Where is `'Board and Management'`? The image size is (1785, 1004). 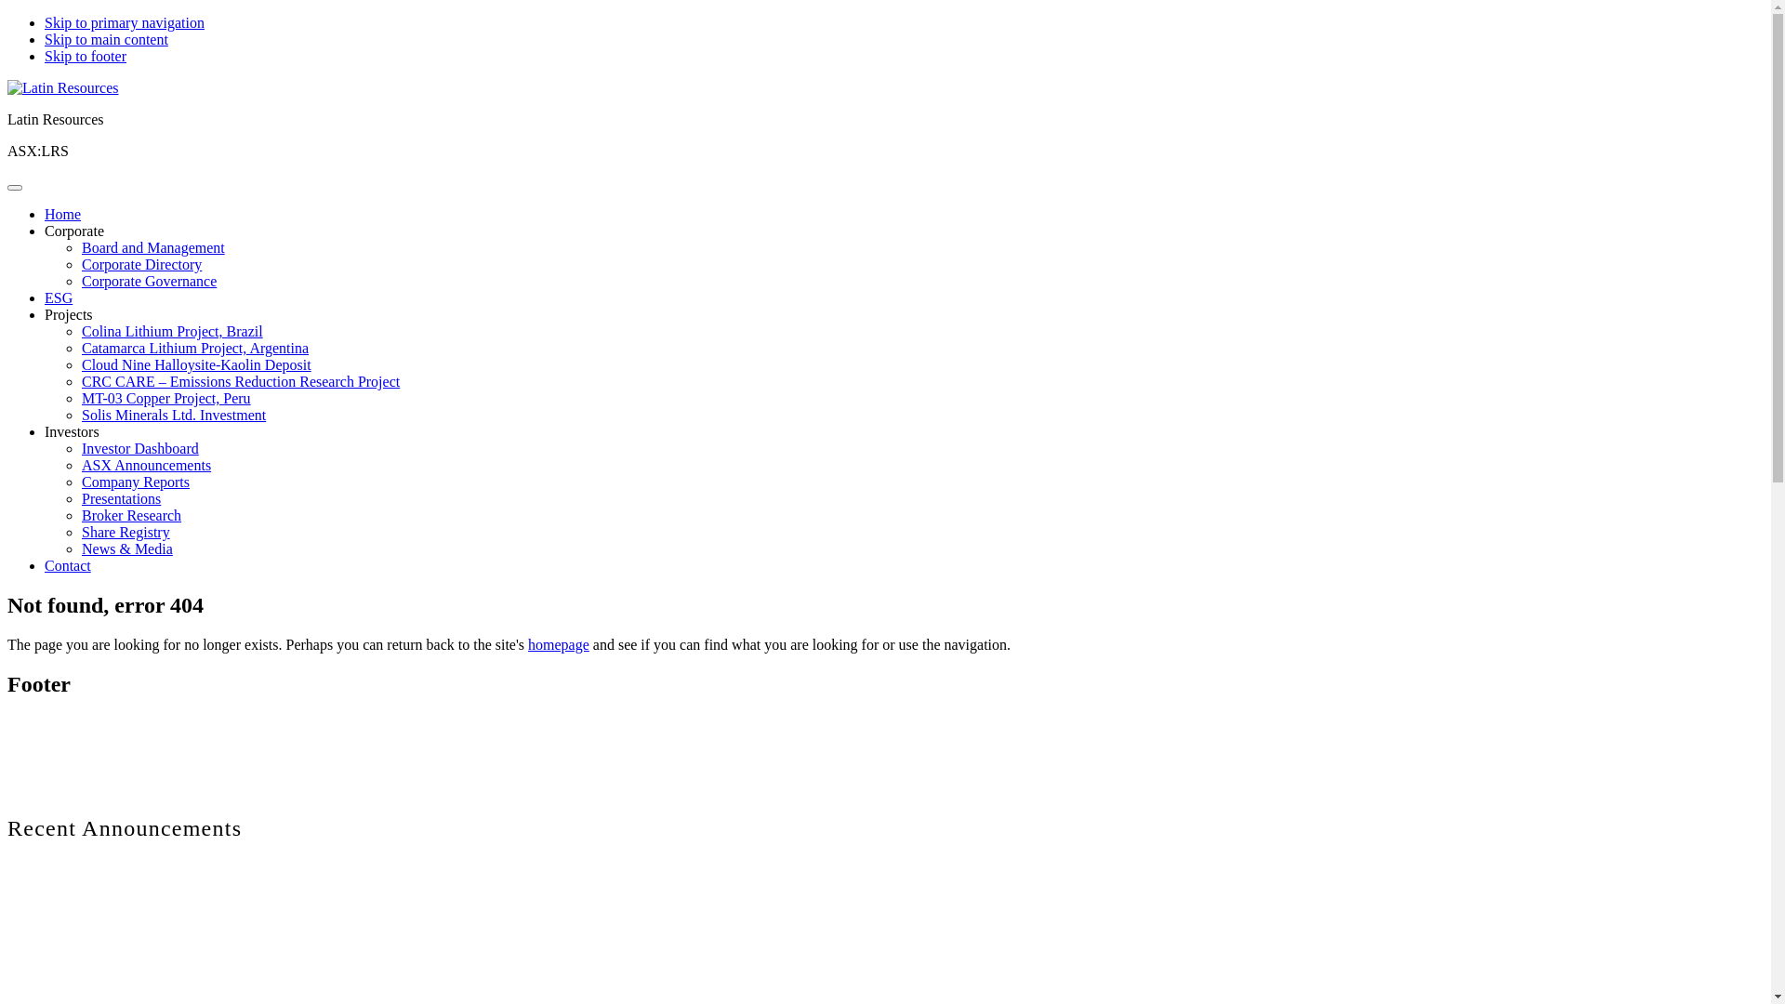
'Board and Management' is located at coordinates (152, 246).